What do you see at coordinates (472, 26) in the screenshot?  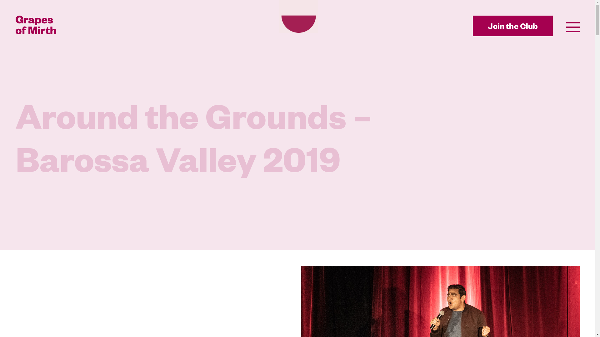 I see `'Join the Club'` at bounding box center [472, 26].